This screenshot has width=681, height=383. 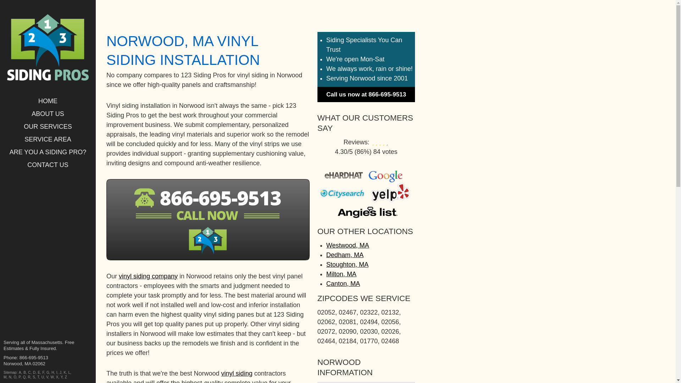 I want to click on 'P', so click(x=20, y=377).